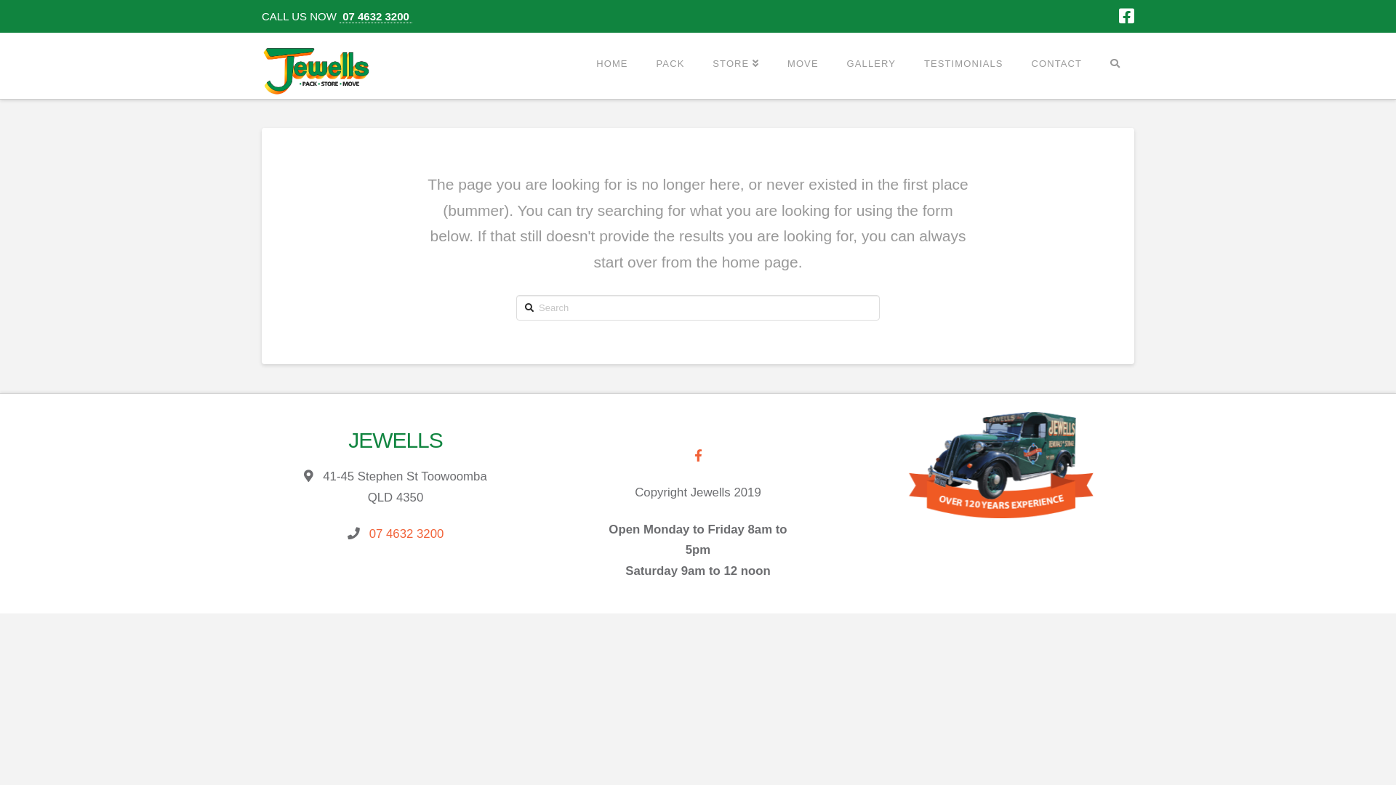 This screenshot has height=785, width=1396. I want to click on 'MOVE', so click(802, 63).